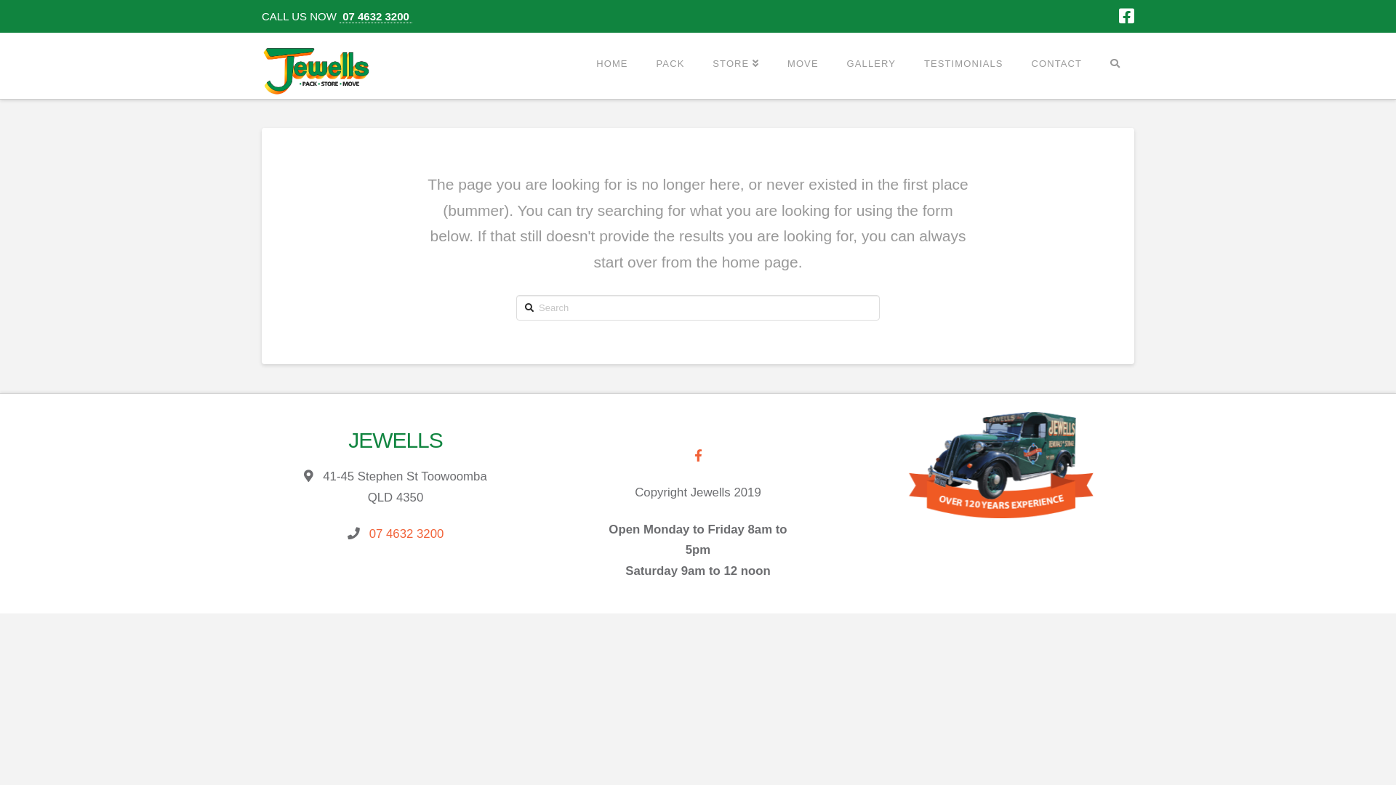 This screenshot has height=785, width=1396. I want to click on 'MOVE', so click(802, 63).